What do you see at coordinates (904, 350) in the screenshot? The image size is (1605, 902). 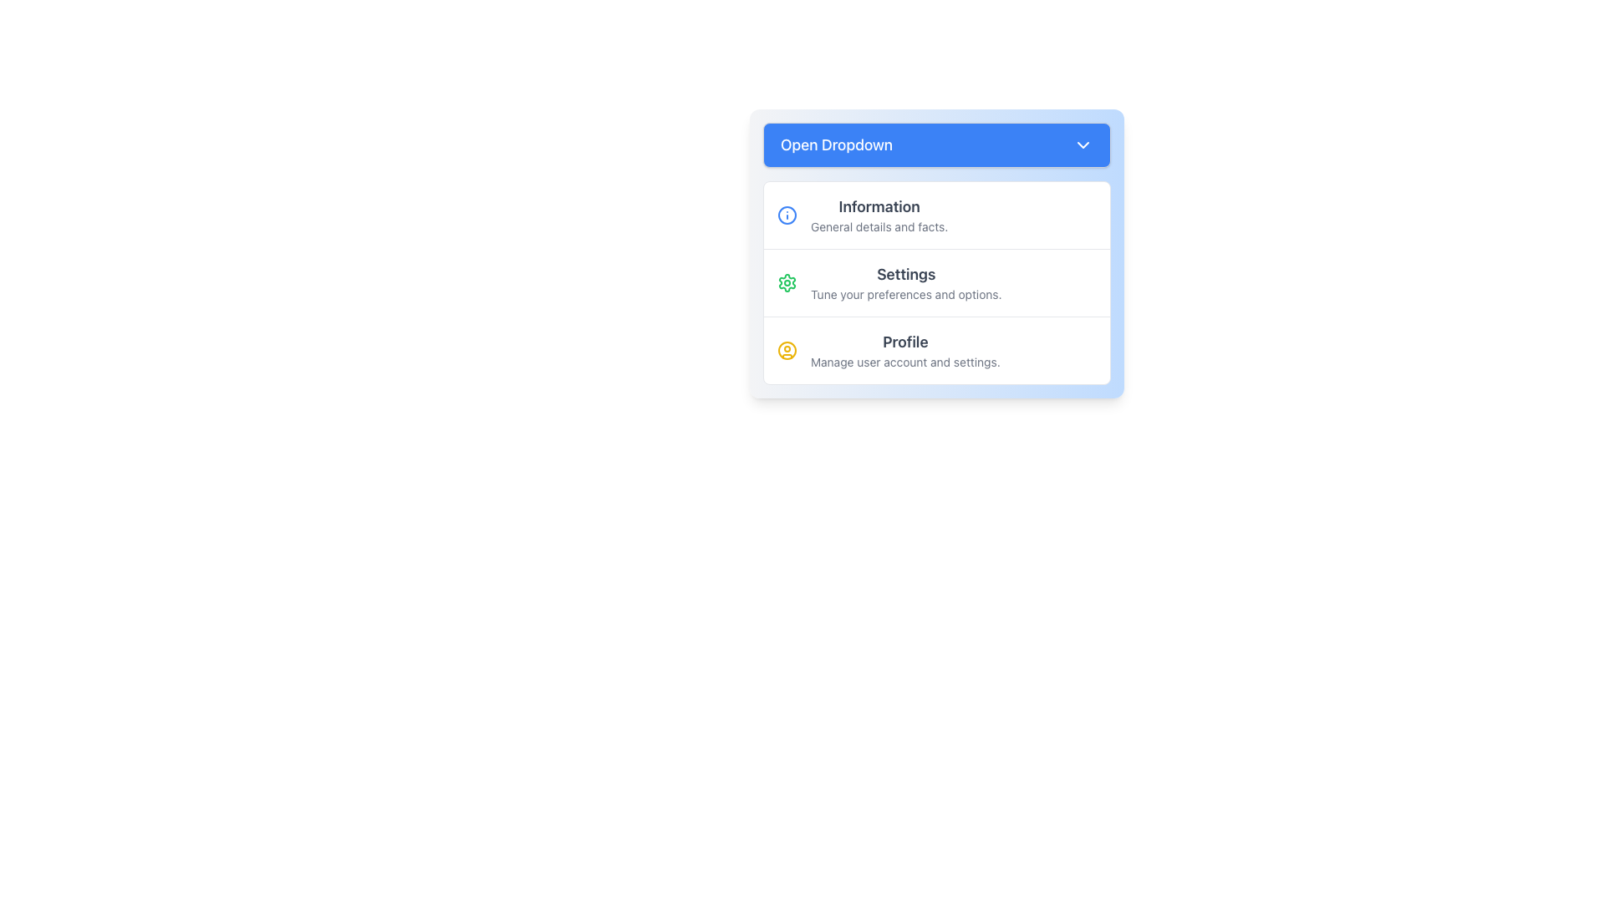 I see `the 'Profile' text element in the dropdown menu` at bounding box center [904, 350].